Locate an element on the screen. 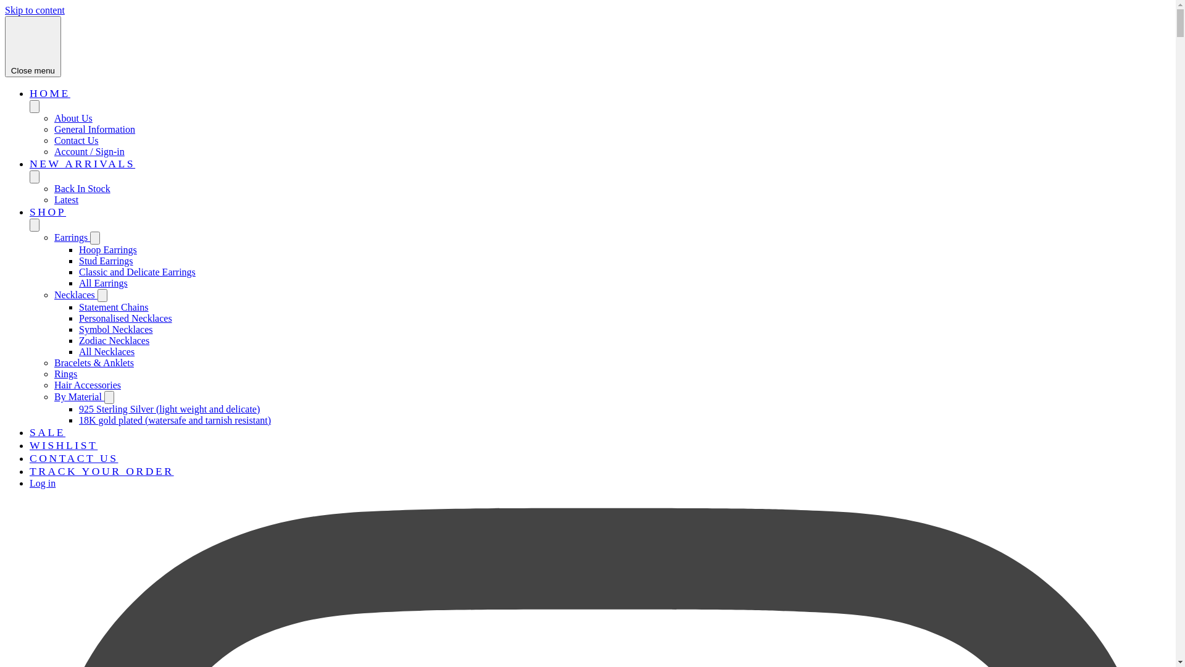  'WISHLIST' is located at coordinates (30, 445).